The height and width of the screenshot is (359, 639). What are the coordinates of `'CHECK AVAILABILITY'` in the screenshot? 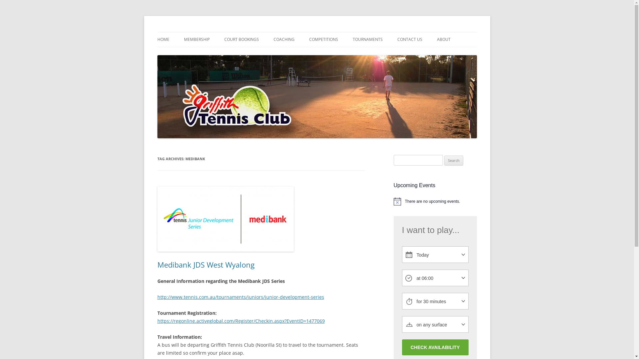 It's located at (435, 347).